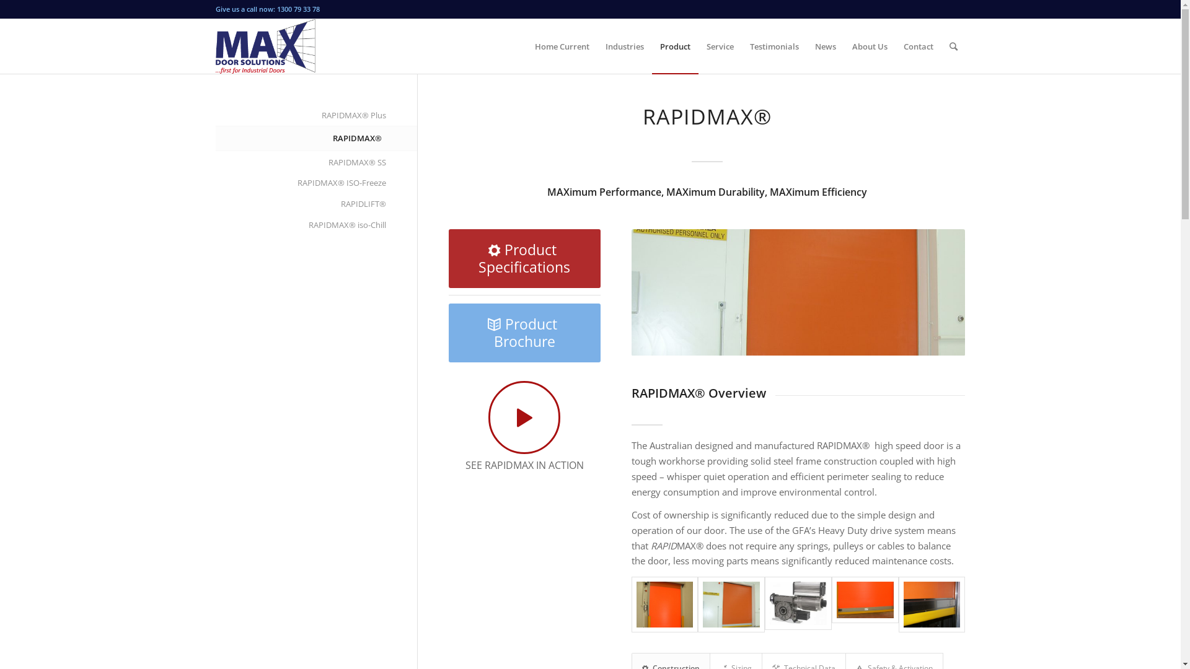 This screenshot has width=1190, height=669. I want to click on 'Product Brochure', so click(524, 332).